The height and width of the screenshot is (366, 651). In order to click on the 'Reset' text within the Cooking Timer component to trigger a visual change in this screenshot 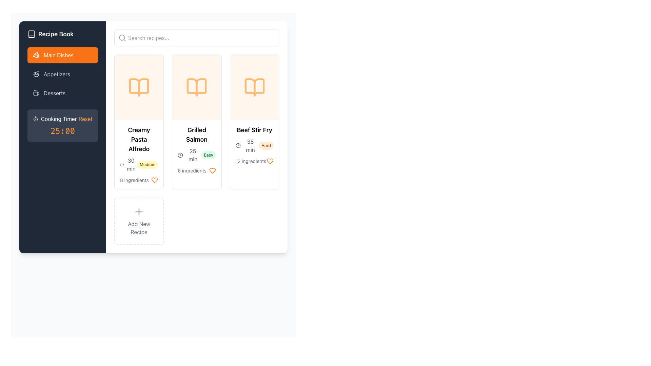, I will do `click(63, 125)`.